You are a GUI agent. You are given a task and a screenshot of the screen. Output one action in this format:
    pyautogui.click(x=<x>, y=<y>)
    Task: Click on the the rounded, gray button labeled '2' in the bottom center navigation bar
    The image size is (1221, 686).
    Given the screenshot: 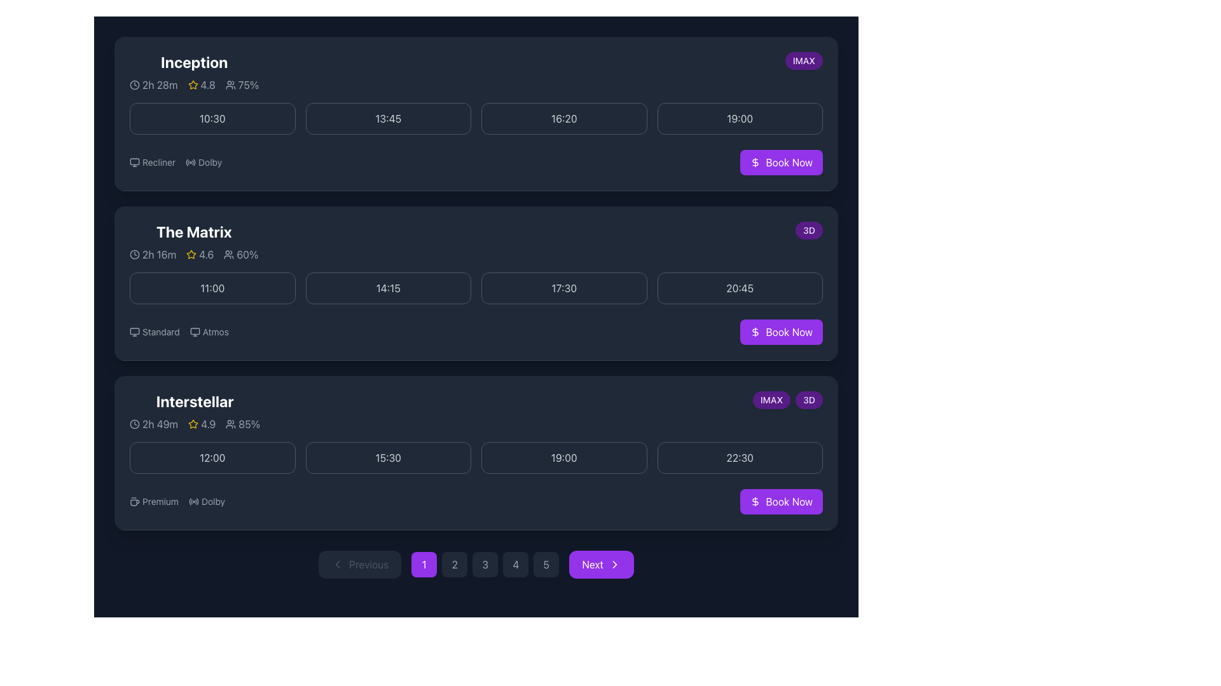 What is the action you would take?
    pyautogui.click(x=455, y=563)
    